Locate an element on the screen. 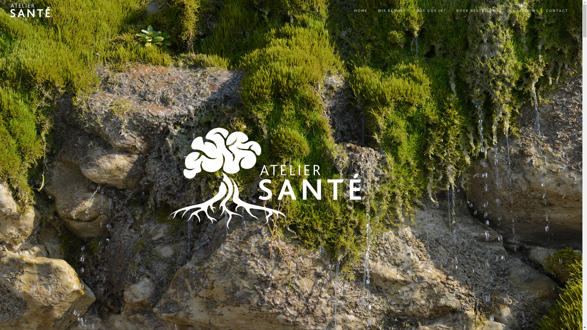  'WAT DOE IK?' is located at coordinates (431, 10).